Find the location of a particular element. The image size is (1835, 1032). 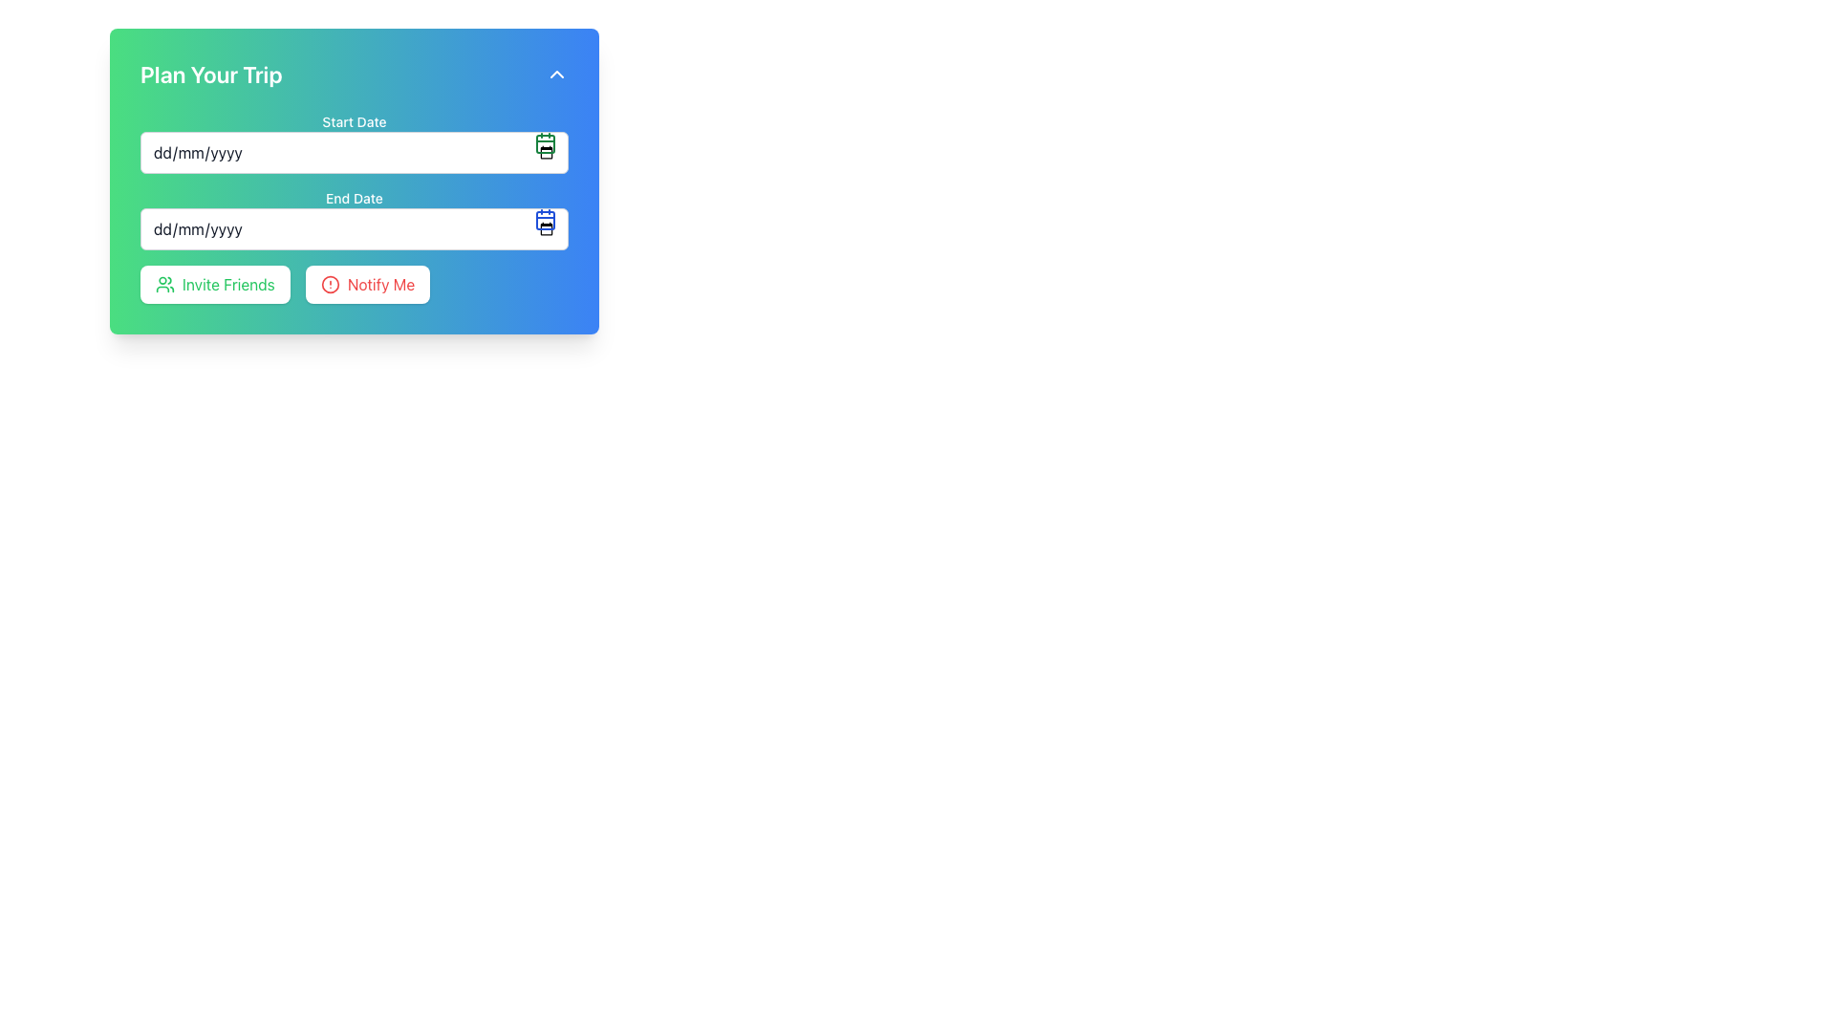

the chevron icon button located at the top-right corner of the 'Plan Your Trip' card is located at coordinates (555, 73).